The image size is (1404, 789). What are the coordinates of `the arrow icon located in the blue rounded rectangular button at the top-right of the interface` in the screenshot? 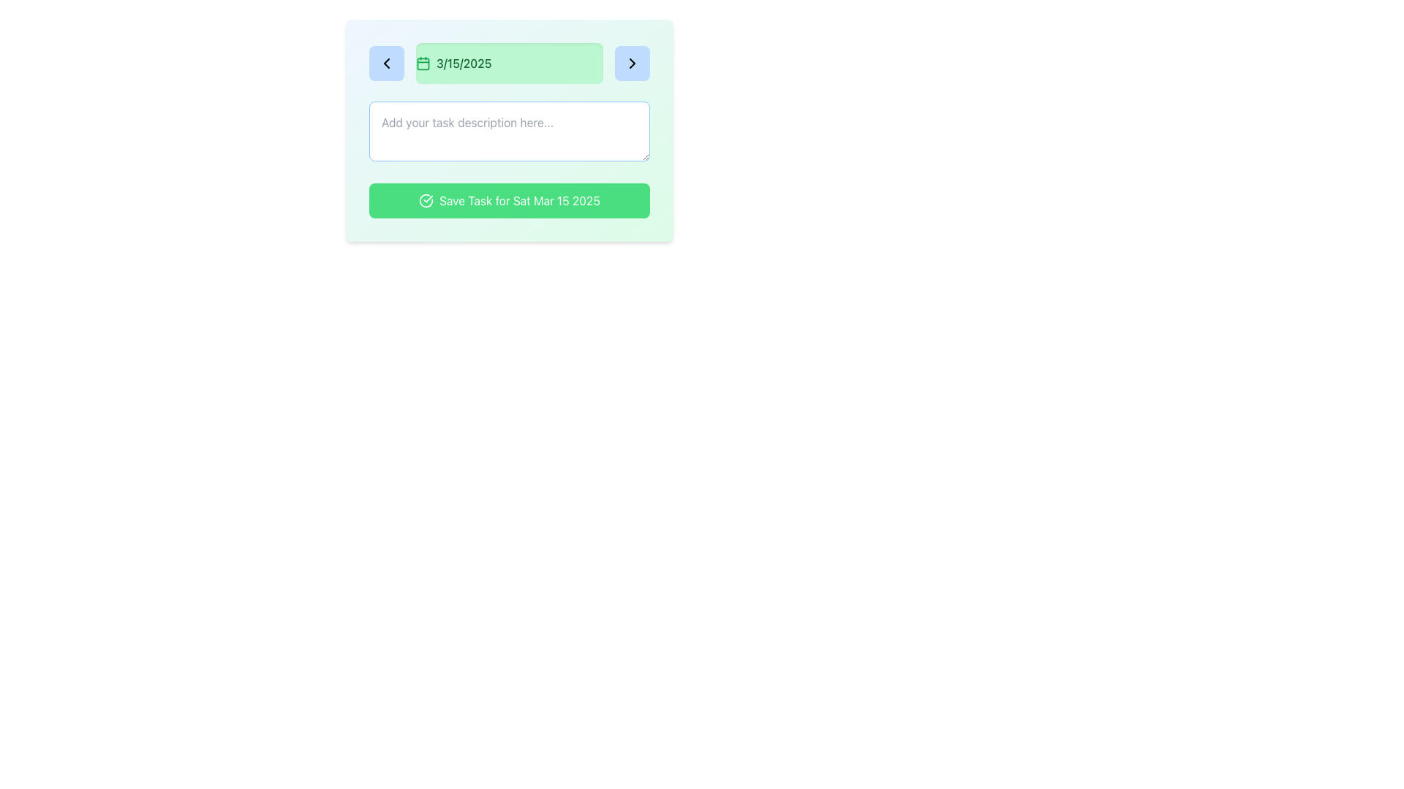 It's located at (632, 63).